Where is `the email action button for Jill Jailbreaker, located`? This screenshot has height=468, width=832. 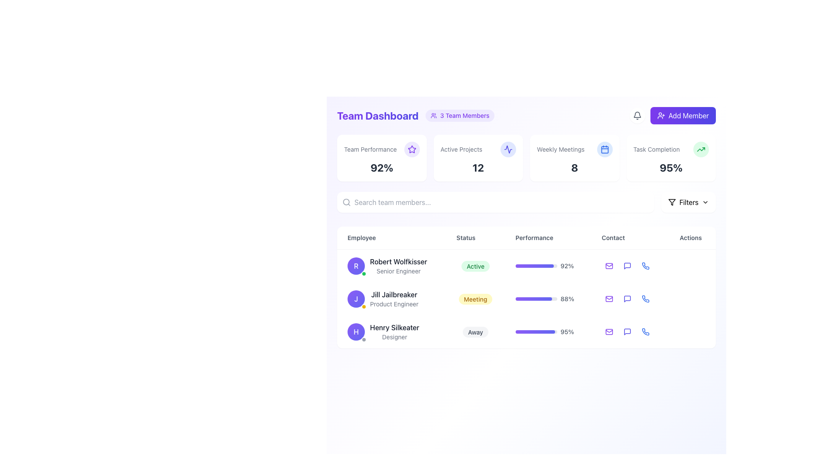 the email action button for Jill Jailbreaker, located is located at coordinates (608, 299).